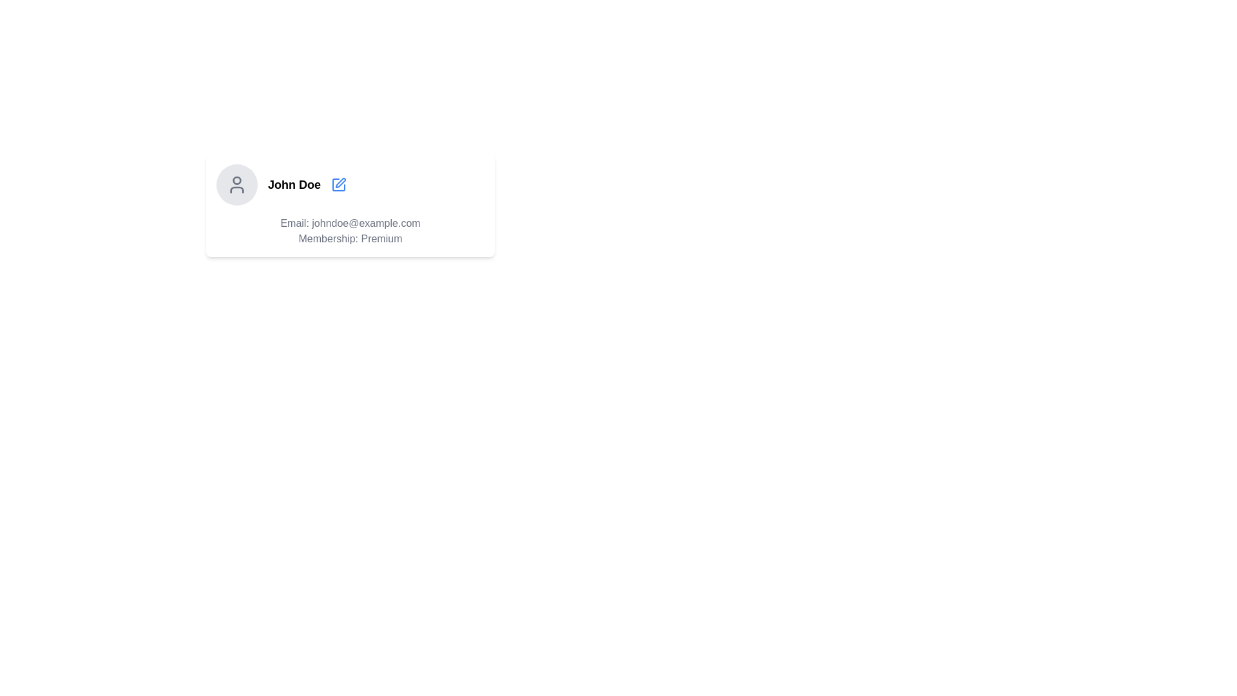 This screenshot has width=1237, height=696. What do you see at coordinates (350, 238) in the screenshot?
I see `the static text label that reads 'Membership: Premium', which is positioned directly beneath the email text 'Email: johndoe@example.com'` at bounding box center [350, 238].